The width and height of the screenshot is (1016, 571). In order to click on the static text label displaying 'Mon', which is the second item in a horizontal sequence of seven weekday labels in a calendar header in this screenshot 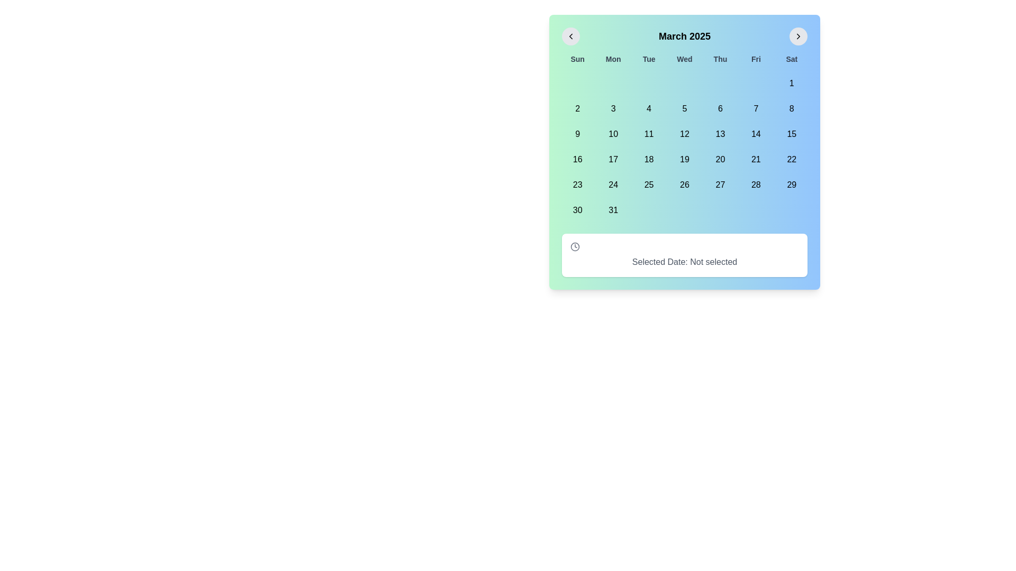, I will do `click(613, 59)`.